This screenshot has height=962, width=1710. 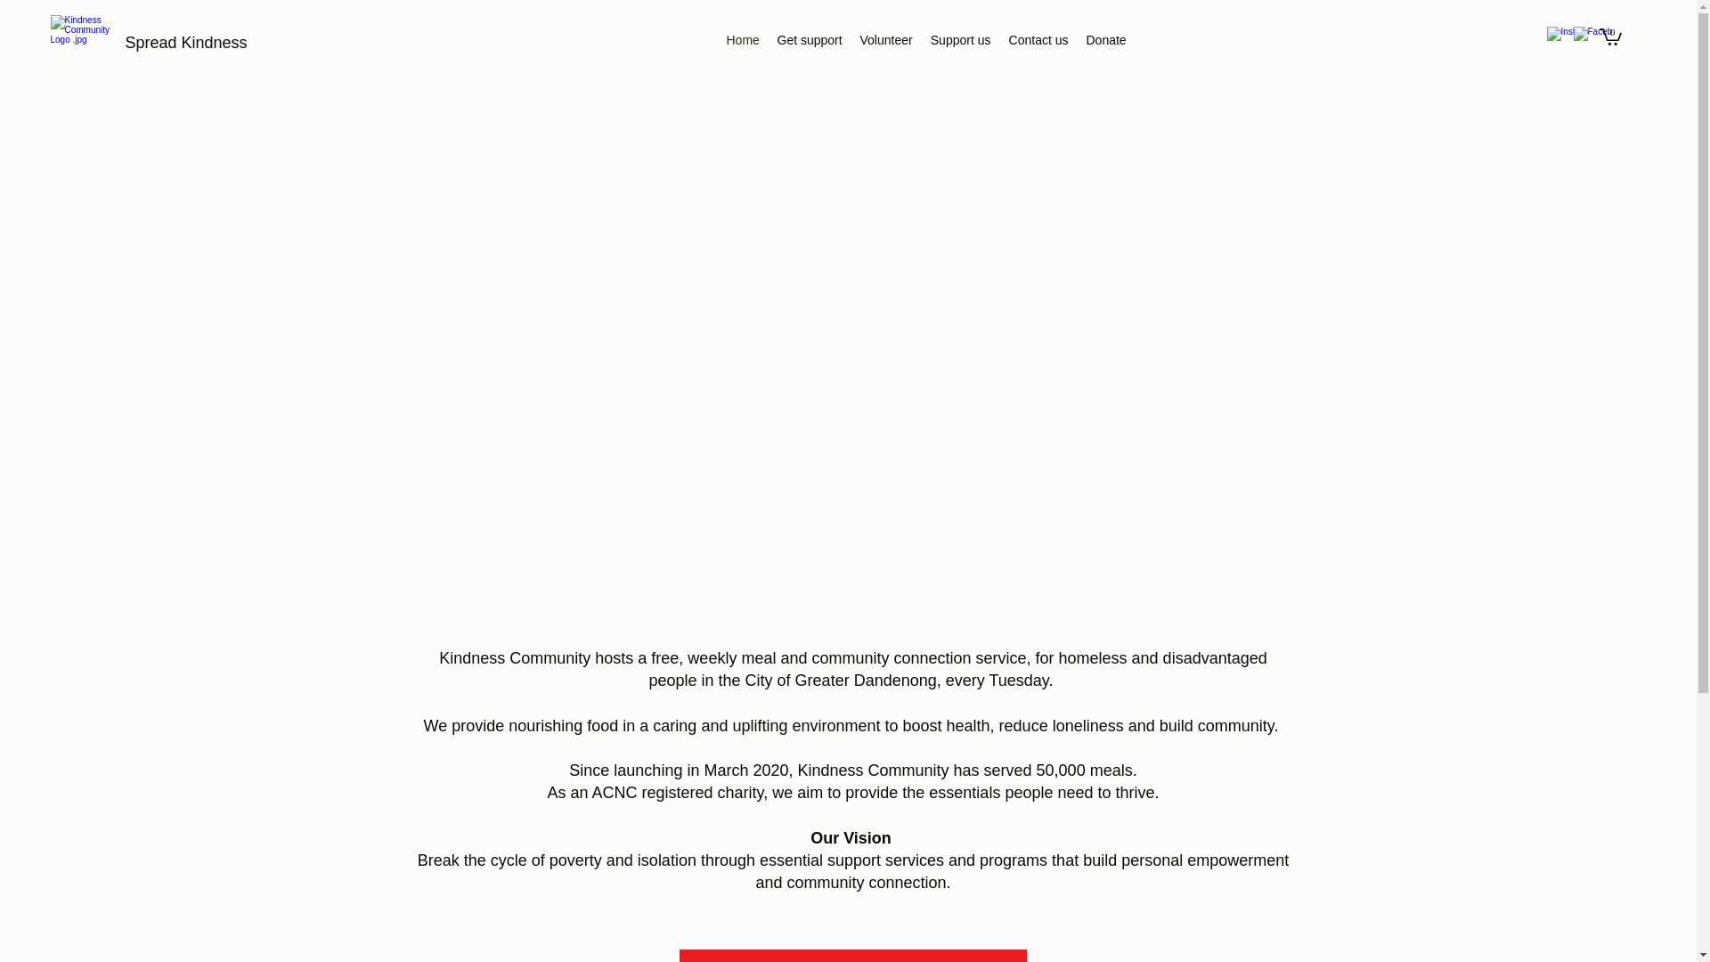 I want to click on 'Home', so click(x=743, y=40).